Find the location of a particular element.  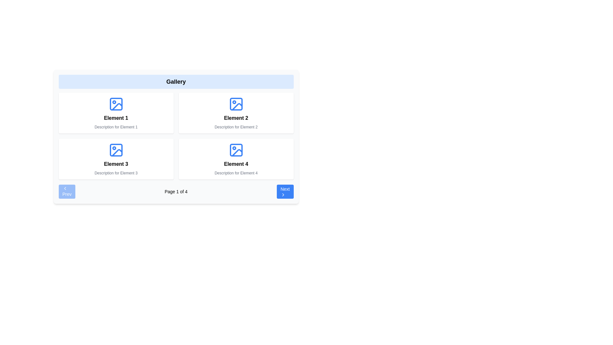

the blue icon representing an image, styled with a minimalist design of a rounded rectangle that contains a circular and a triangular shape, located at the top of the card labeled 'Element 4' is located at coordinates (236, 150).